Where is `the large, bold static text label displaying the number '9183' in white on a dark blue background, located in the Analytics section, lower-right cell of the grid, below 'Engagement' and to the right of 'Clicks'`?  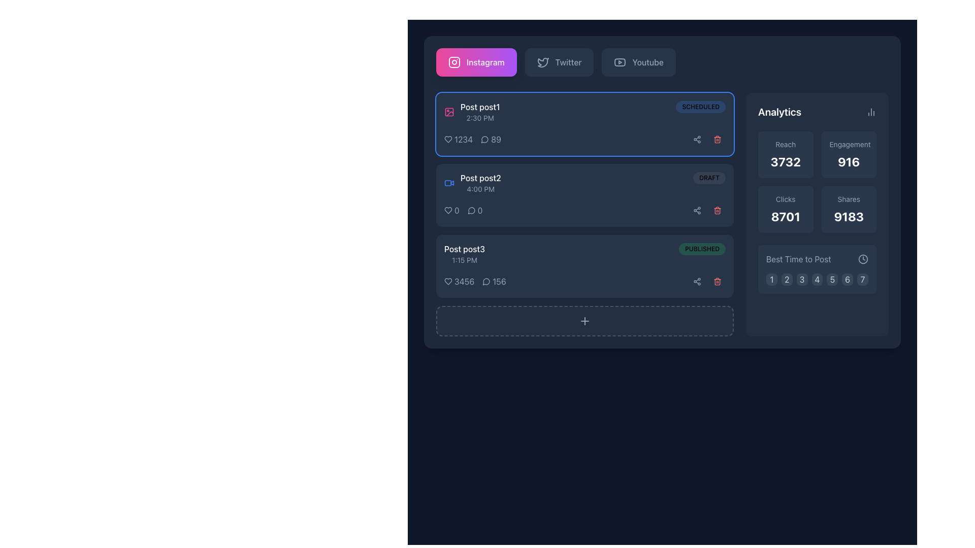 the large, bold static text label displaying the number '9183' in white on a dark blue background, located in the Analytics section, lower-right cell of the grid, below 'Engagement' and to the right of 'Clicks' is located at coordinates (849, 216).